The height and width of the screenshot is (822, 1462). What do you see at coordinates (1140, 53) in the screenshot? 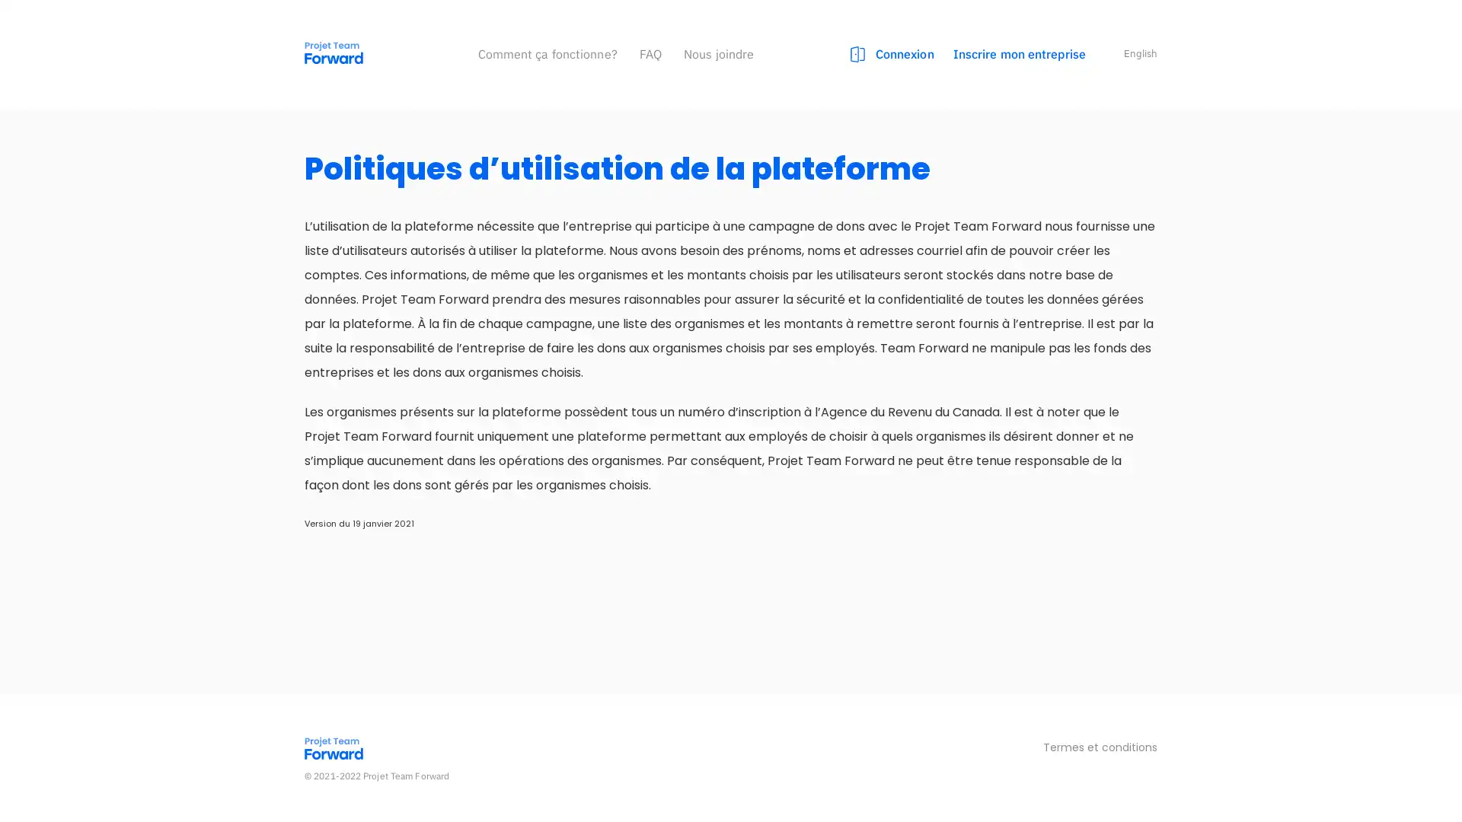
I see `English` at bounding box center [1140, 53].